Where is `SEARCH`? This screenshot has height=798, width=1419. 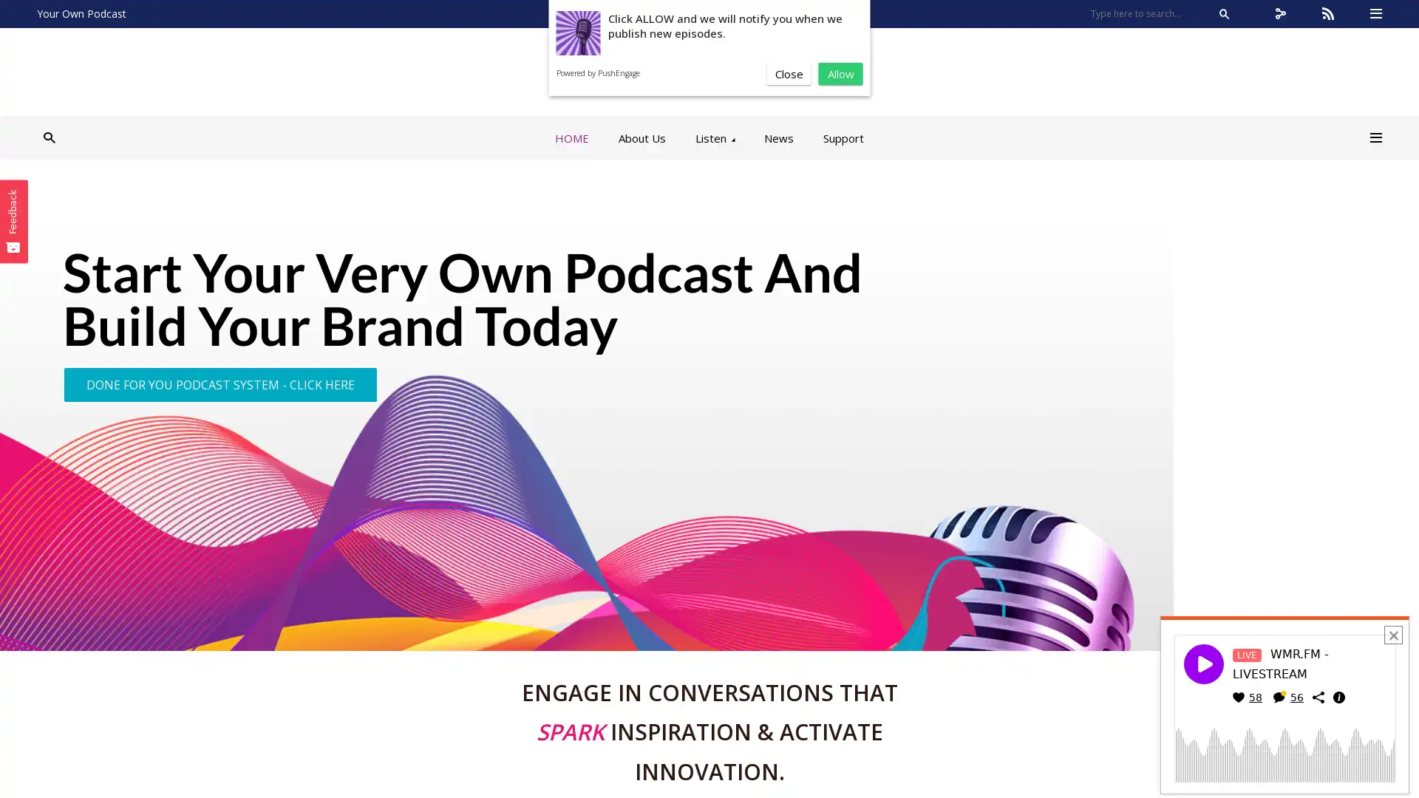
SEARCH is located at coordinates (1224, 14).